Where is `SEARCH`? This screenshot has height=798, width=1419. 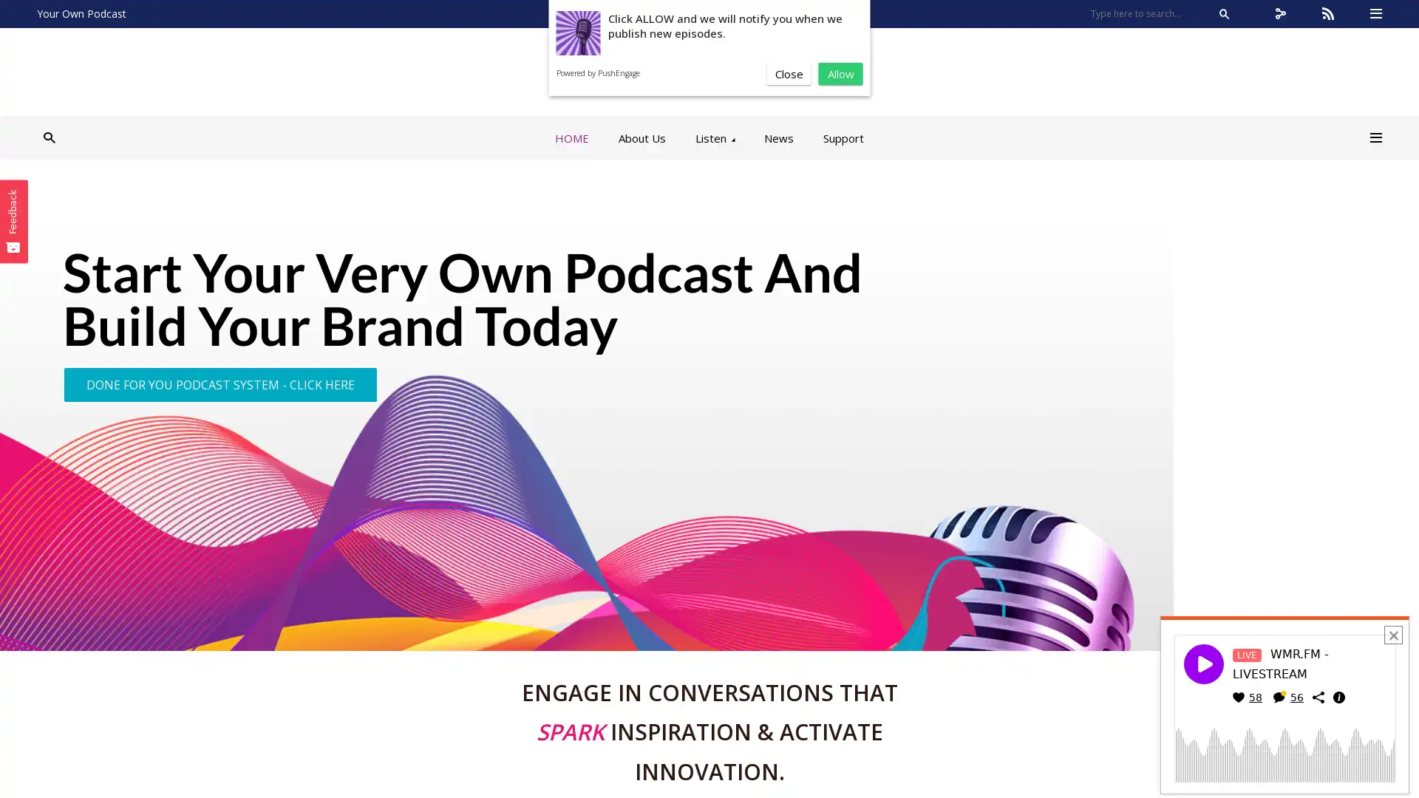
SEARCH is located at coordinates (1224, 14).